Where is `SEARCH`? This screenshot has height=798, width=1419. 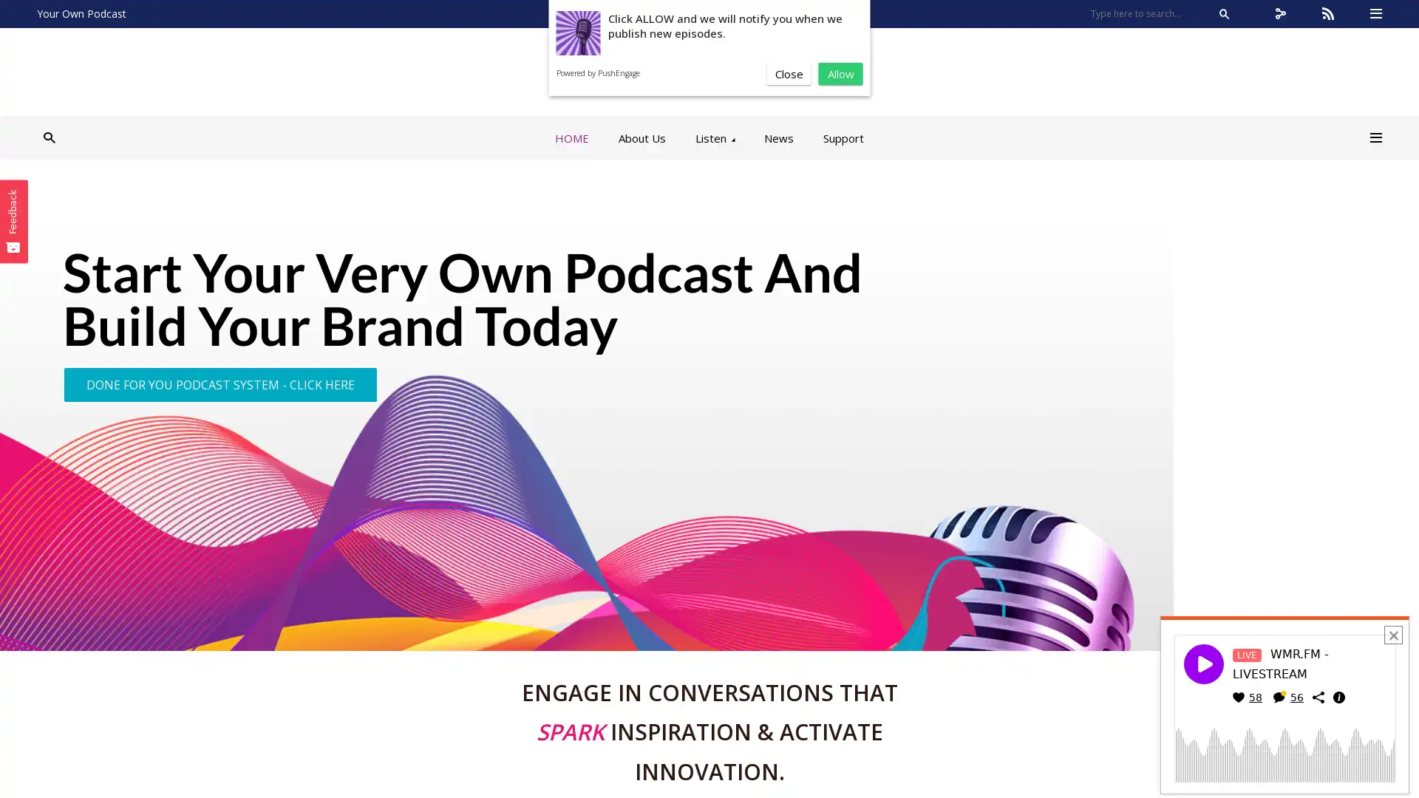
SEARCH is located at coordinates (1224, 14).